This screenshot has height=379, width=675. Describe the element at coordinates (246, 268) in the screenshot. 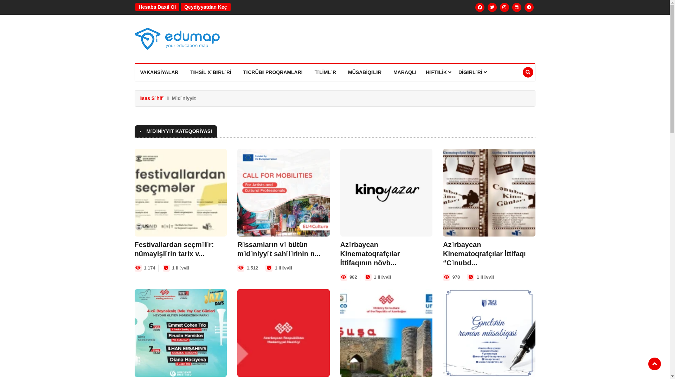

I see `'1,512'` at that location.